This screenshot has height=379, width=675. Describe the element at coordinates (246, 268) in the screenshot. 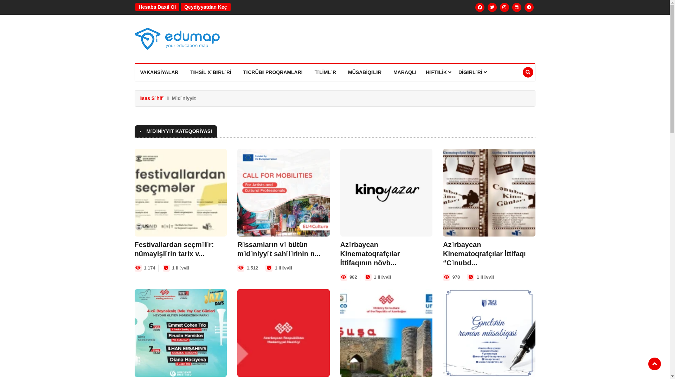

I see `'1,512'` at that location.